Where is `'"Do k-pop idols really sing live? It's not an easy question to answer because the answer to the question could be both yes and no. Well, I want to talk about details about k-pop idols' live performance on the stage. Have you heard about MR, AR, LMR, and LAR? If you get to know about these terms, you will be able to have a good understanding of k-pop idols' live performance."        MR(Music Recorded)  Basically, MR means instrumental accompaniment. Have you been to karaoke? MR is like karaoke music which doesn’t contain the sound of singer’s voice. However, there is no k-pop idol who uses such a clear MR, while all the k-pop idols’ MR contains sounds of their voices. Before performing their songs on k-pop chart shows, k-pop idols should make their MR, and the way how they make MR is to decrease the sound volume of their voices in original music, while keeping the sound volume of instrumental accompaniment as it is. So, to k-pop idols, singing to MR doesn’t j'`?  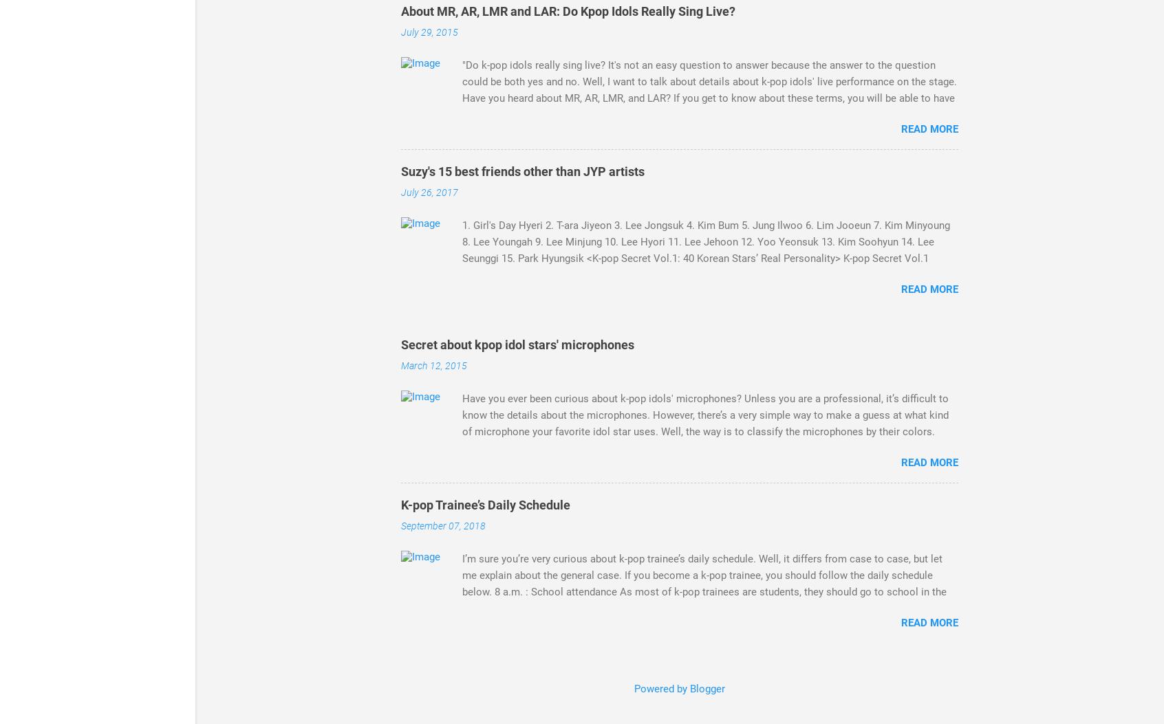
'"Do k-pop idols really sing live? It's not an easy question to answer because the answer to the question could be both yes and no. Well, I want to talk about details about k-pop idols' live performance on the stage. Have you heard about MR, AR, LMR, and LAR? If you get to know about these terms, you will be able to have a good understanding of k-pop idols' live performance."        MR(Music Recorded)  Basically, MR means instrumental accompaniment. Have you been to karaoke? MR is like karaoke music which doesn’t contain the sound of singer’s voice. However, there is no k-pop idol who uses such a clear MR, while all the k-pop idols’ MR contains sounds of their voices. Before performing their songs on k-pop chart shows, k-pop idols should make their MR, and the way how they make MR is to decrease the sound volume of their voices in original music, while keeping the sound volume of instrumental accompaniment as it is. So, to k-pop idols, singing to MR doesn’t j' is located at coordinates (709, 140).